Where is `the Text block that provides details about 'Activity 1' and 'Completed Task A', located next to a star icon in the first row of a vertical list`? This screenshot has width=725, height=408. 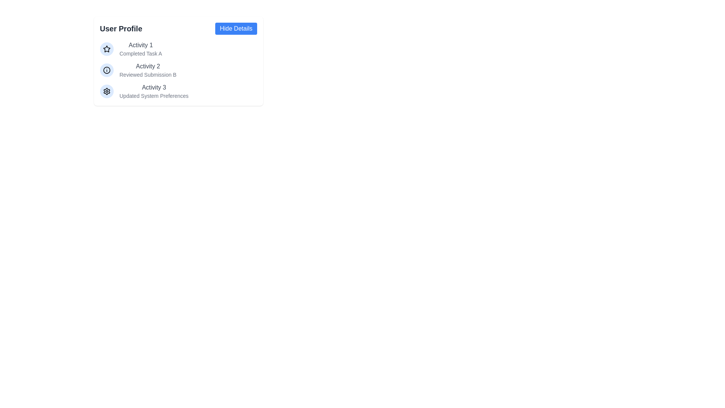 the Text block that provides details about 'Activity 1' and 'Completed Task A', located next to a star icon in the first row of a vertical list is located at coordinates (140, 49).